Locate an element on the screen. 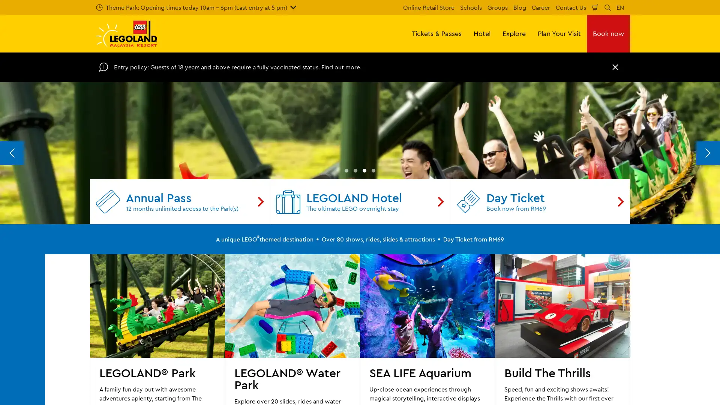 Image resolution: width=720 pixels, height=405 pixels. Close is located at coordinates (615, 66).